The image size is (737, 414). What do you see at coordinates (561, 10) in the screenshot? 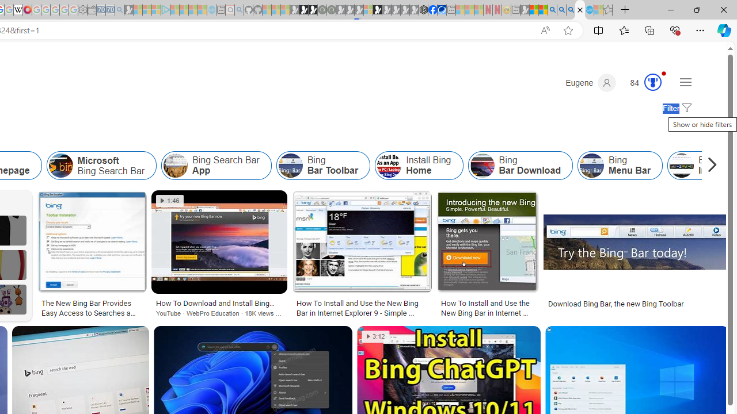
I see `'2009 Bing officially replaced Live Search on June 3 - Search'` at bounding box center [561, 10].